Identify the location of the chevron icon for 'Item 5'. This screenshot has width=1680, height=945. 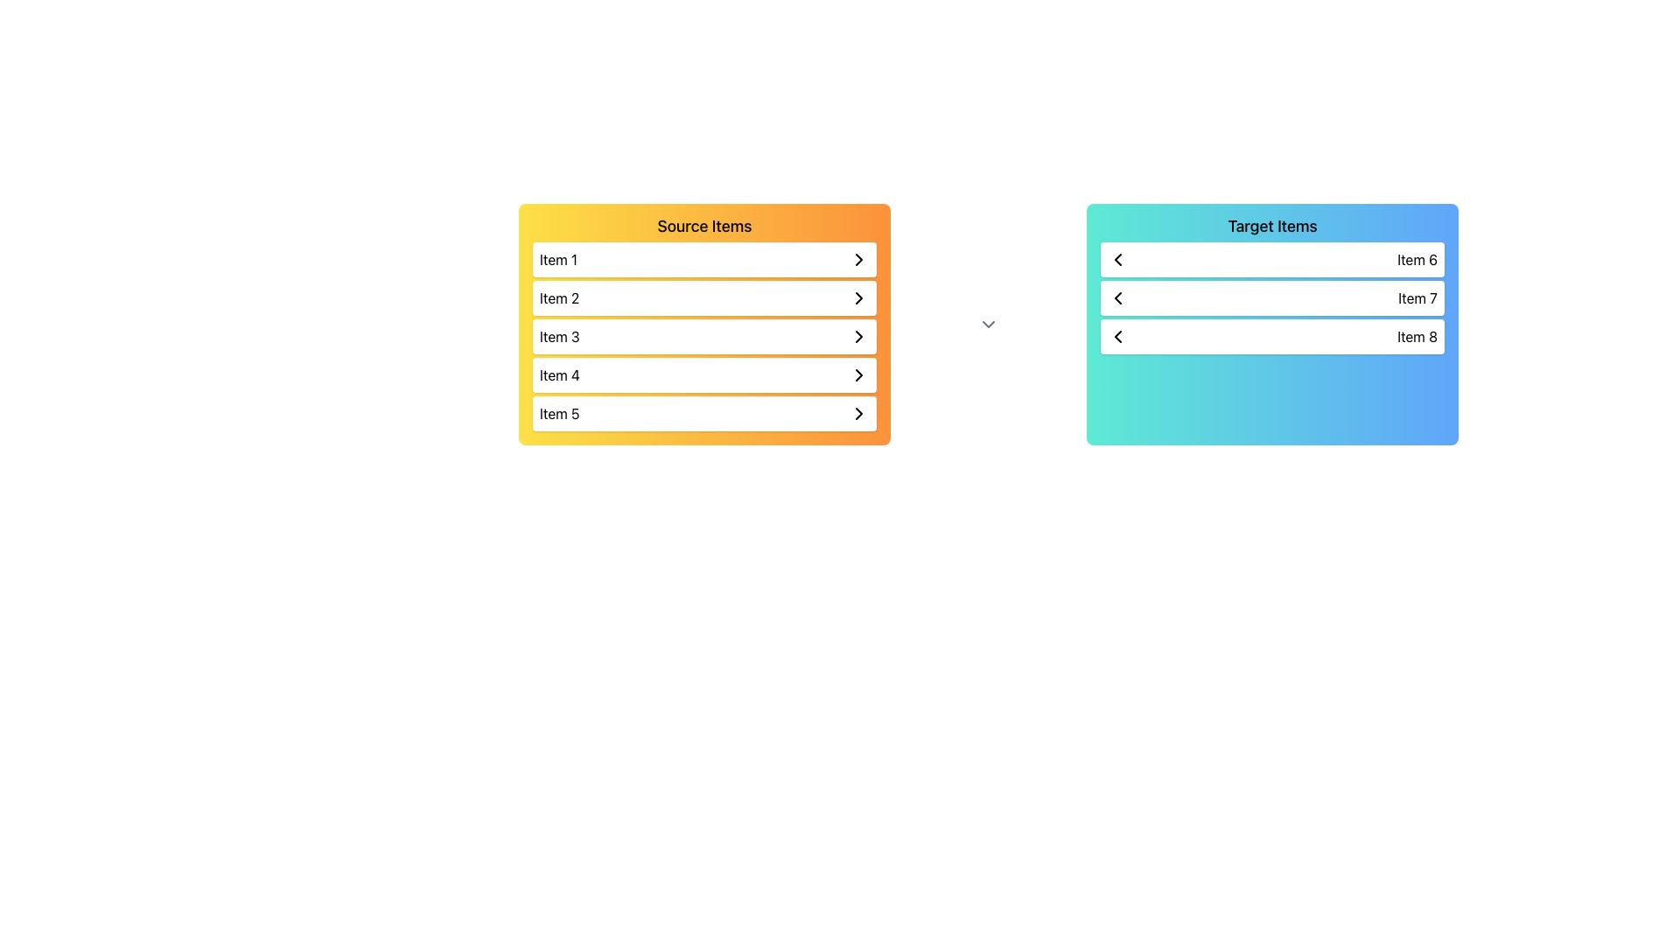
(858, 414).